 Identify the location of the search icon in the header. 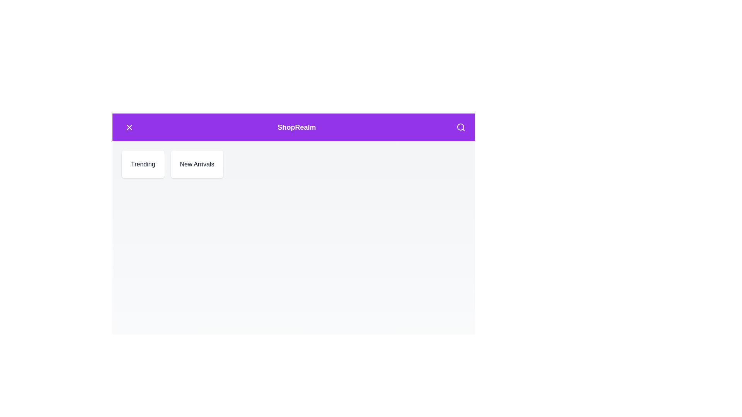
(461, 127).